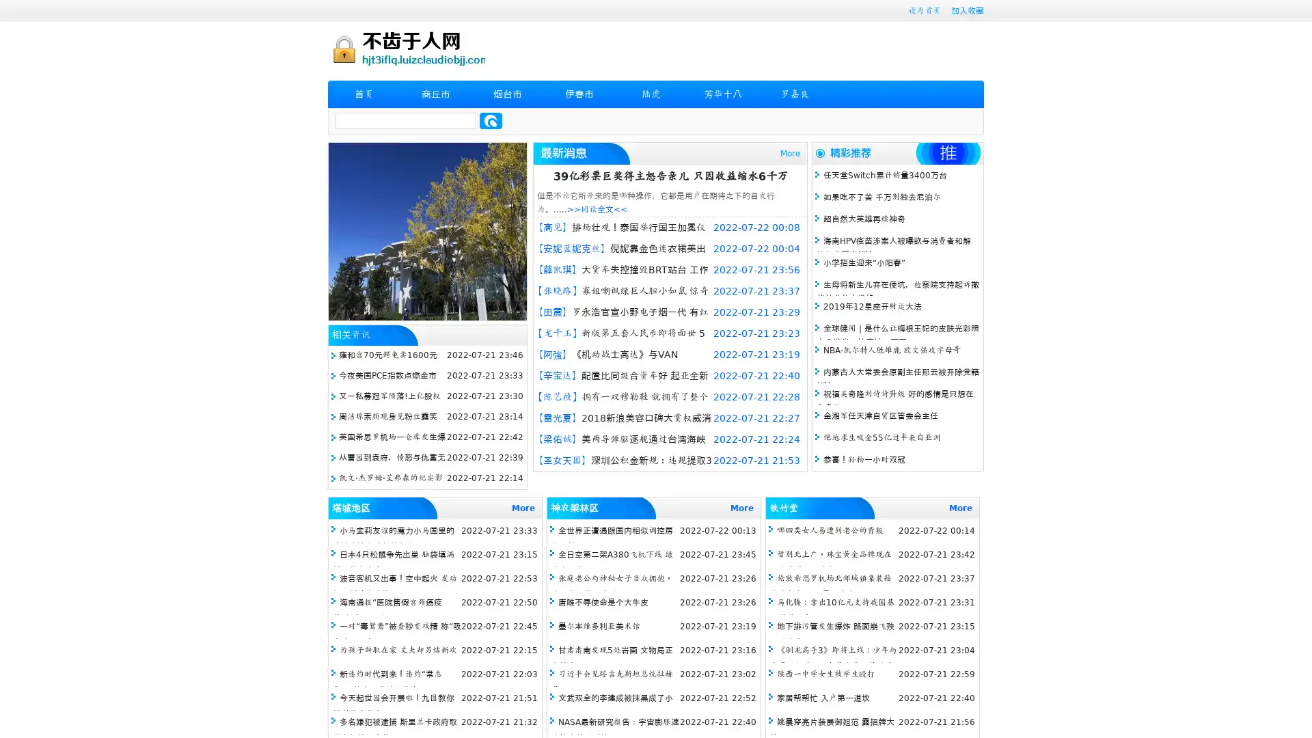 The height and width of the screenshot is (738, 1312). I want to click on Search, so click(491, 120).